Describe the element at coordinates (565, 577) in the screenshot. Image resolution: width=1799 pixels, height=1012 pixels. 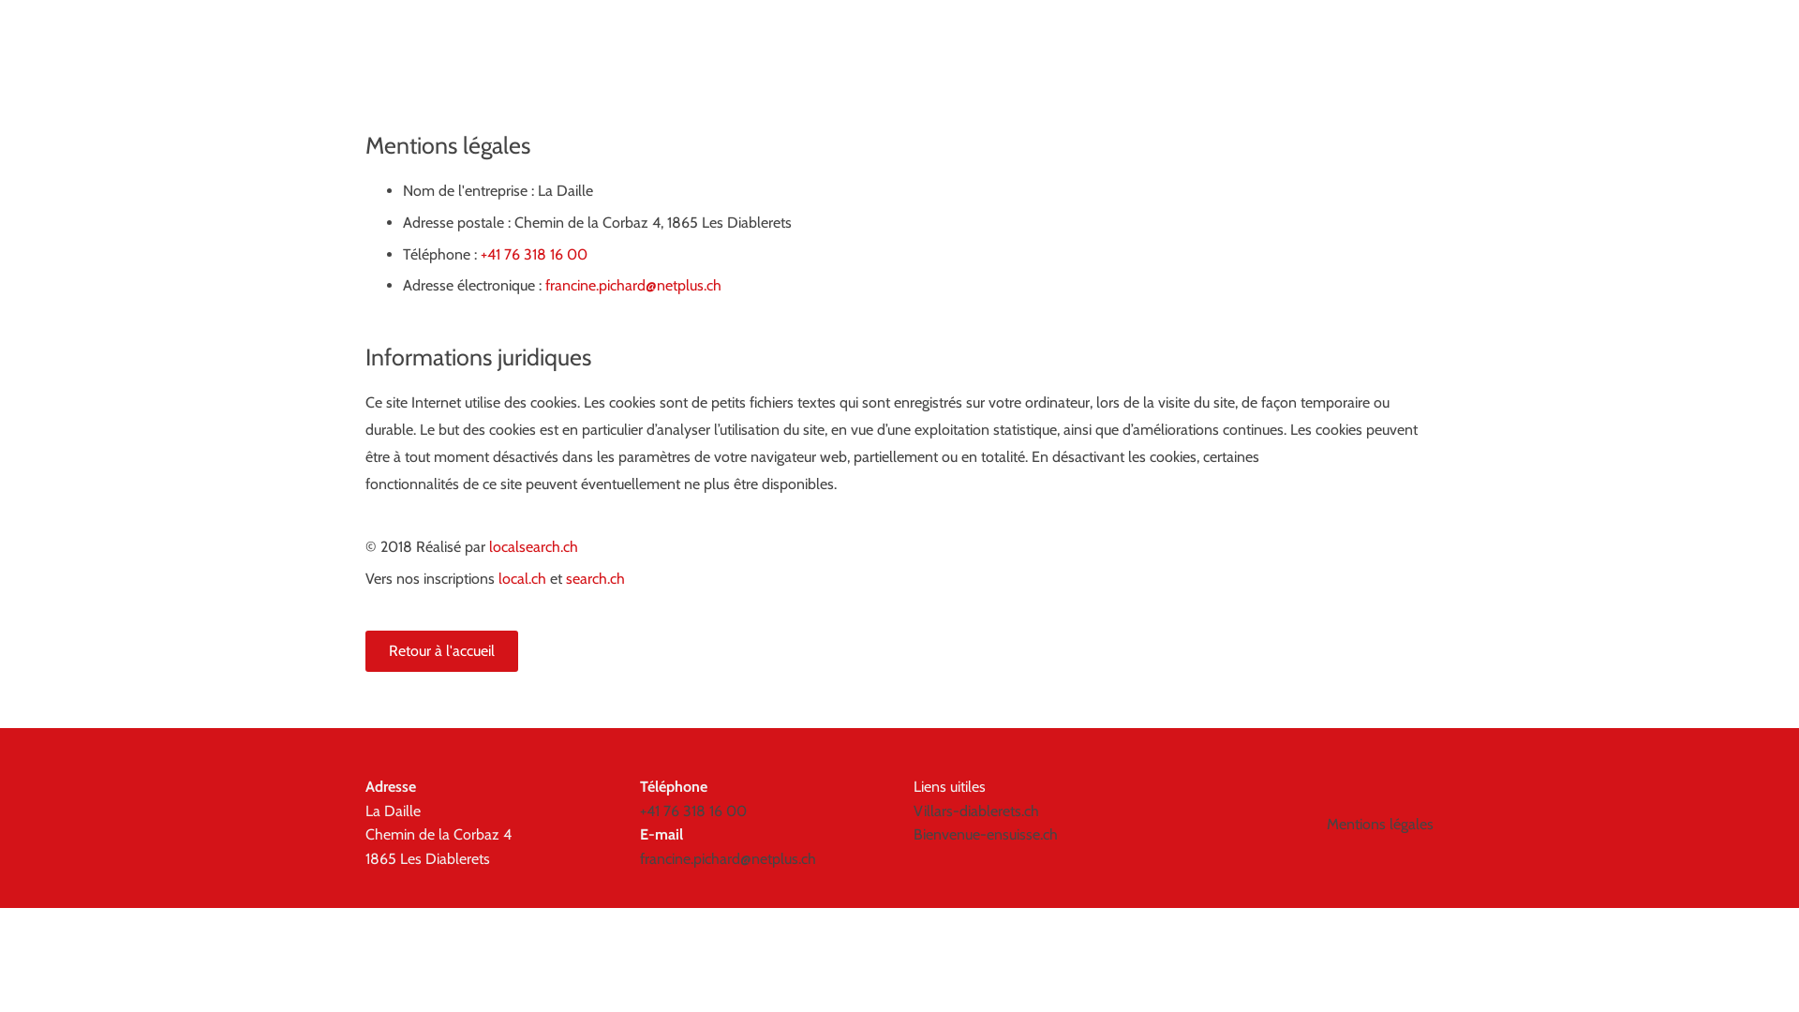
I see `'search.ch'` at that location.